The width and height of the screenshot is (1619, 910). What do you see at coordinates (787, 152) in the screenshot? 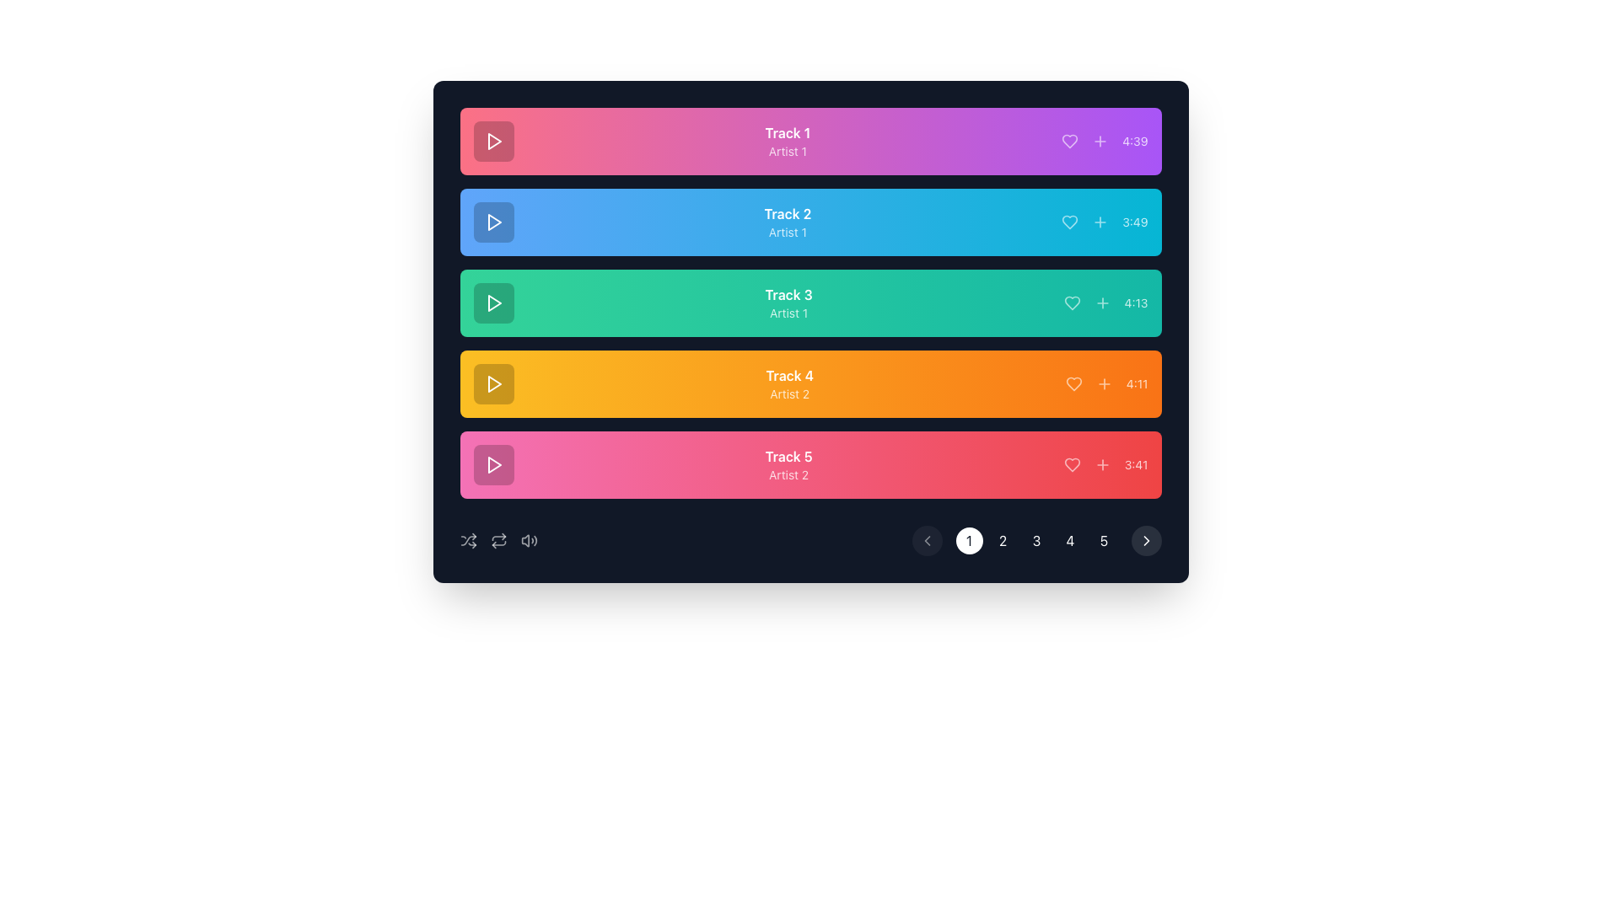
I see `the static text element displaying 'Artist 1', which is positioned beneath 'Track 1' in the first row of the visible list of tracks` at bounding box center [787, 152].